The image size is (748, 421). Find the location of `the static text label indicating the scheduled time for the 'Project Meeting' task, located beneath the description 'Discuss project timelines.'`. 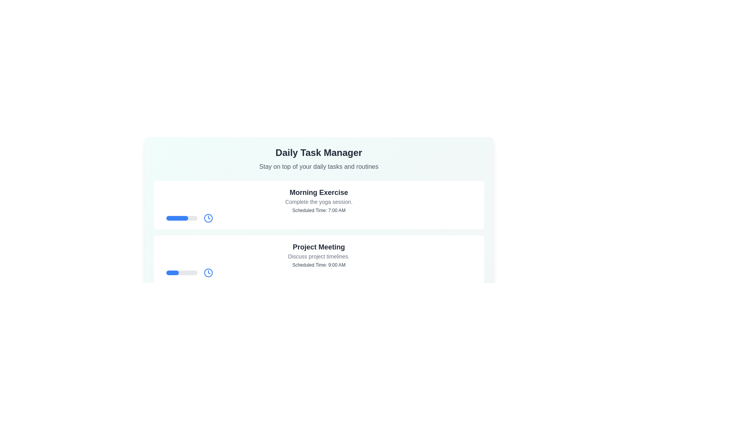

the static text label indicating the scheduled time for the 'Project Meeting' task, located beneath the description 'Discuss project timelines.' is located at coordinates (319, 264).